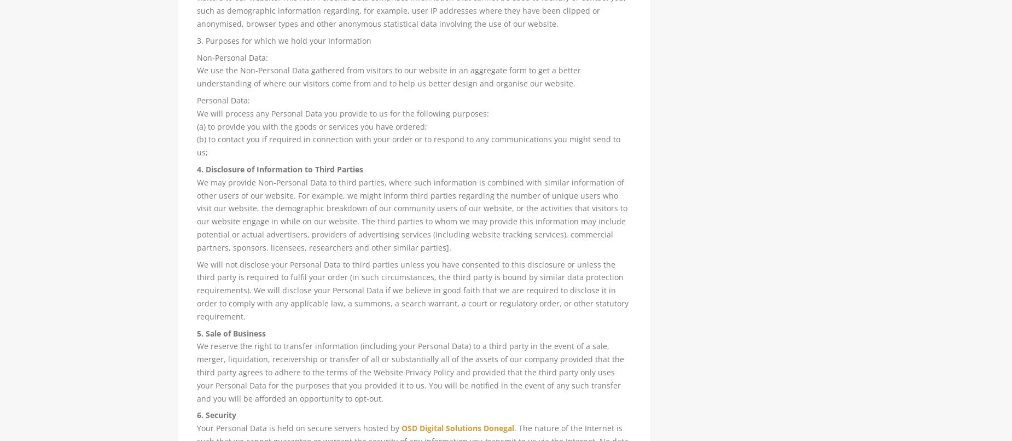 Image resolution: width=1012 pixels, height=441 pixels. Describe the element at coordinates (388, 77) in the screenshot. I see `'We use the Non-Personal Data gathered from visitors to our website in an aggregate form to get a better understanding of where our visitors come from and to help us better design and organise our website.'` at that location.